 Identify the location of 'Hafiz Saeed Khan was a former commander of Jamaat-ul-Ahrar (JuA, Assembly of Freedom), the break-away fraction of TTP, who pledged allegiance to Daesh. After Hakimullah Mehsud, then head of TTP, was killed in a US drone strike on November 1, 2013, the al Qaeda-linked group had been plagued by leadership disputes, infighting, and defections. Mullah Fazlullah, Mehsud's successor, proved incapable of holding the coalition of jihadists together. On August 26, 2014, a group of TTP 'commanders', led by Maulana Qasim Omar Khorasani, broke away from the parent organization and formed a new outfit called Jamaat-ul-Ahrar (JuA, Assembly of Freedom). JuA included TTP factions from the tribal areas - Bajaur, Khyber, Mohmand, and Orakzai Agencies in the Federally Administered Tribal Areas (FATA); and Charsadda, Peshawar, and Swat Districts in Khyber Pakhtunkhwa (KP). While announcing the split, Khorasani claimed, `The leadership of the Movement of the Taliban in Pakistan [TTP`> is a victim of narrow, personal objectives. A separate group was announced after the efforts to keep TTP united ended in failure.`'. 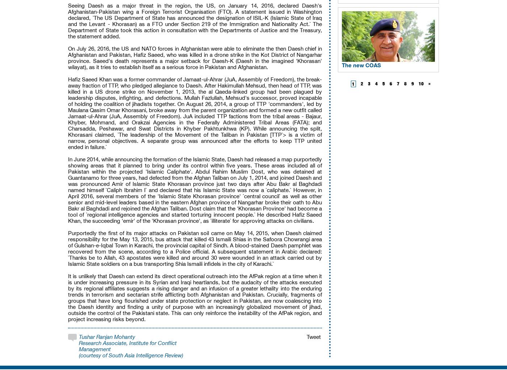
(195, 113).